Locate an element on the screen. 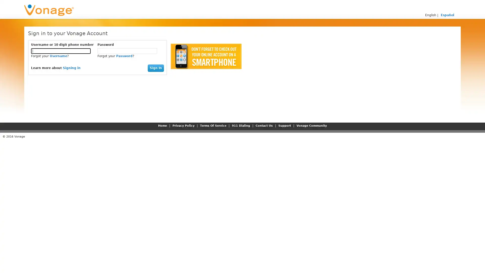  Espanol is located at coordinates (447, 15).